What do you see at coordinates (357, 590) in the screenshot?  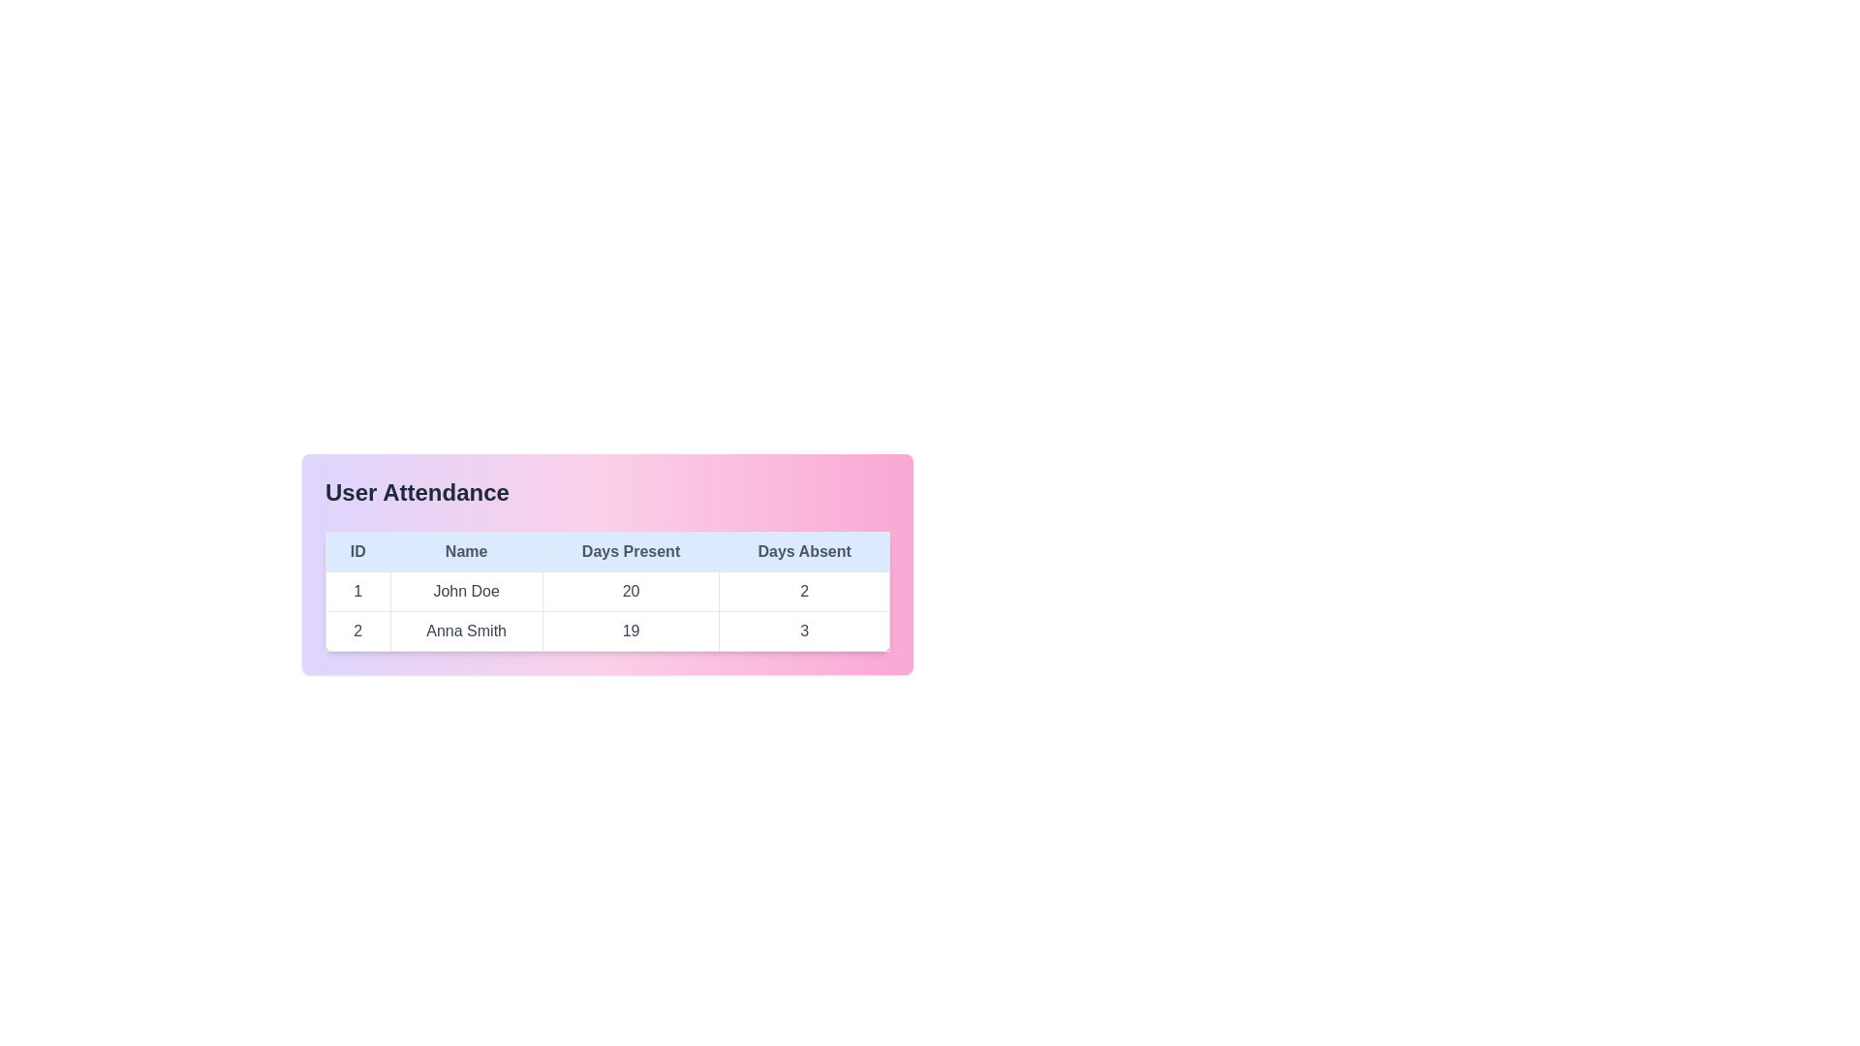 I see `the associated table row` at bounding box center [357, 590].